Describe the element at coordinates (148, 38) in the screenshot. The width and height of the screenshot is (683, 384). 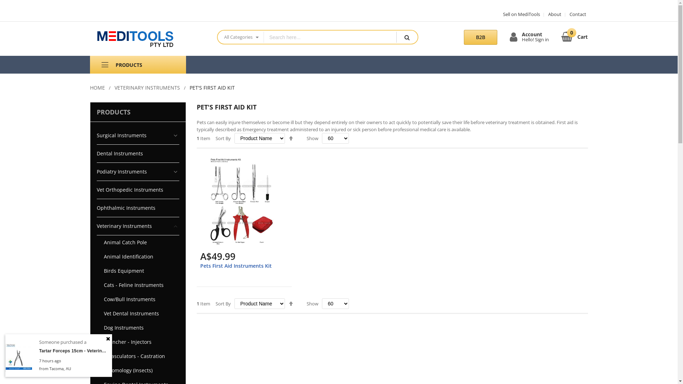
I see `'MediTools Website'` at that location.